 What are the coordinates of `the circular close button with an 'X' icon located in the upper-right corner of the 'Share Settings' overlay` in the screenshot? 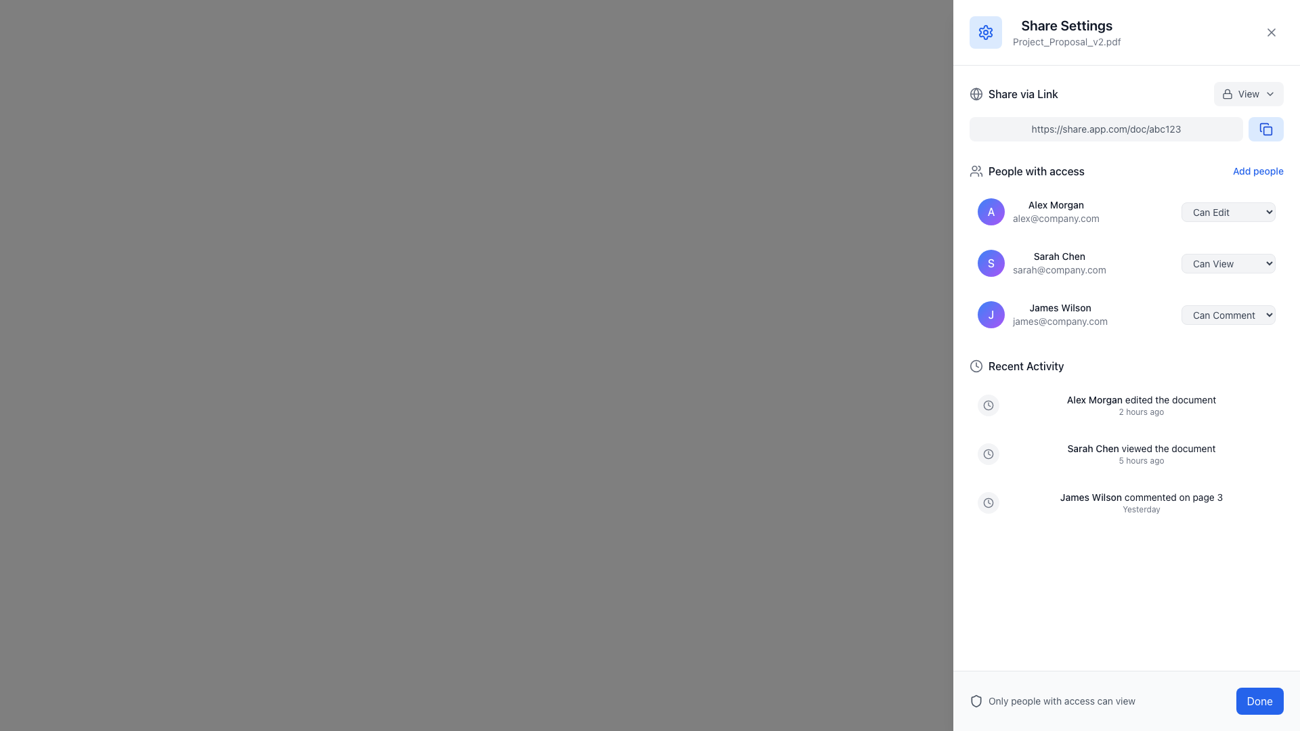 It's located at (1270, 31).